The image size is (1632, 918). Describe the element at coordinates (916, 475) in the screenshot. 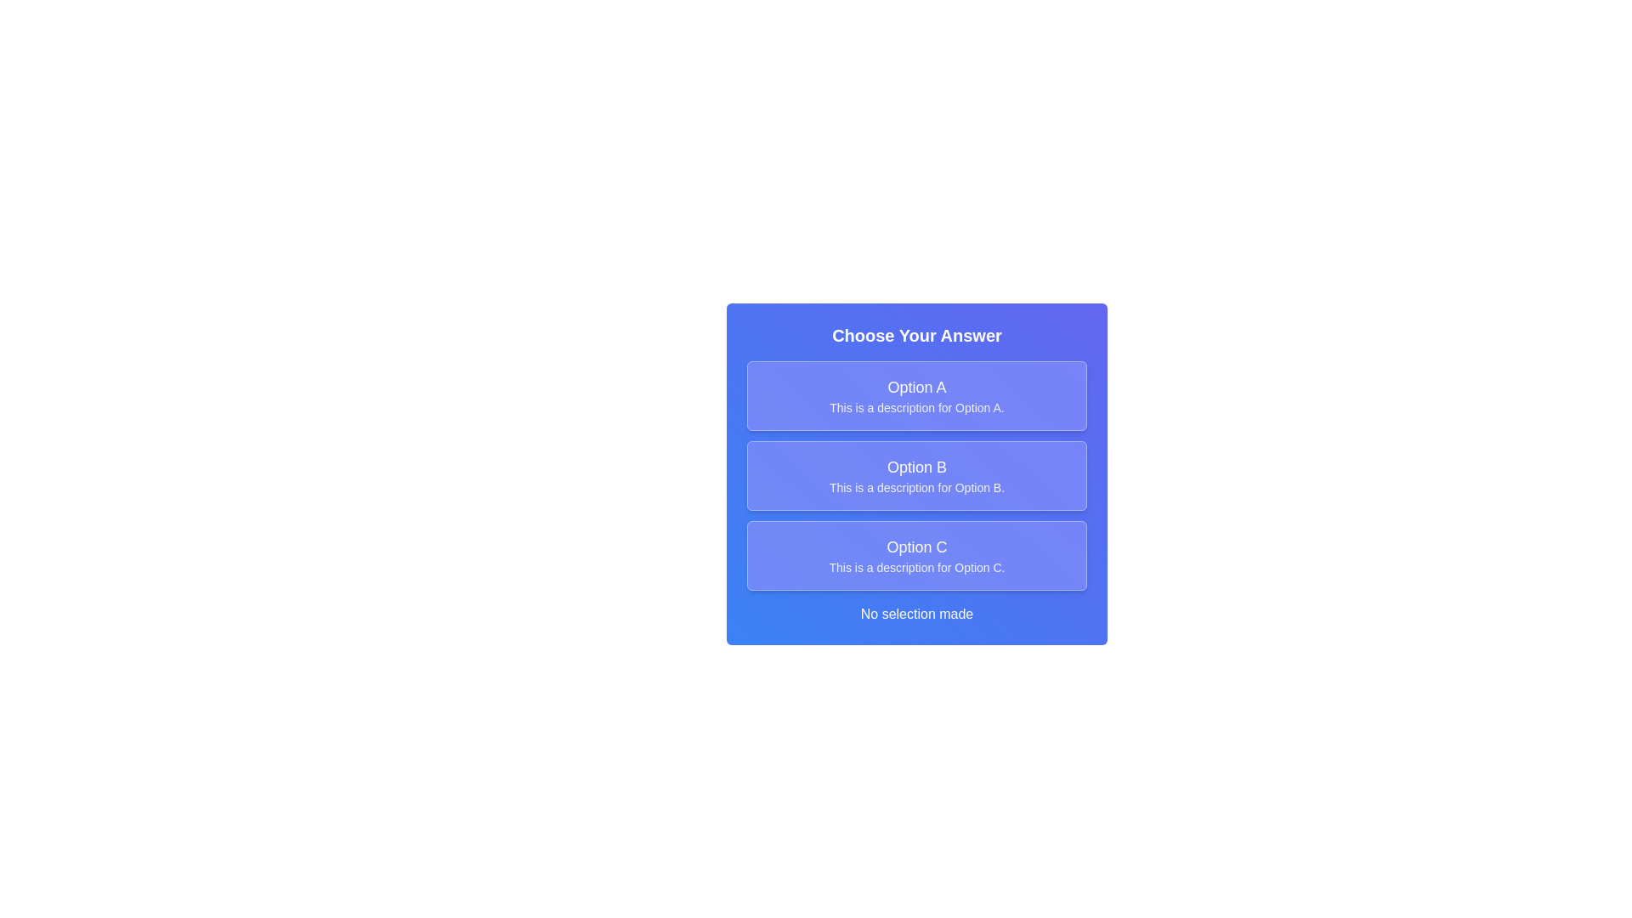

I see `the second option button labeled 'Option B'` at that location.